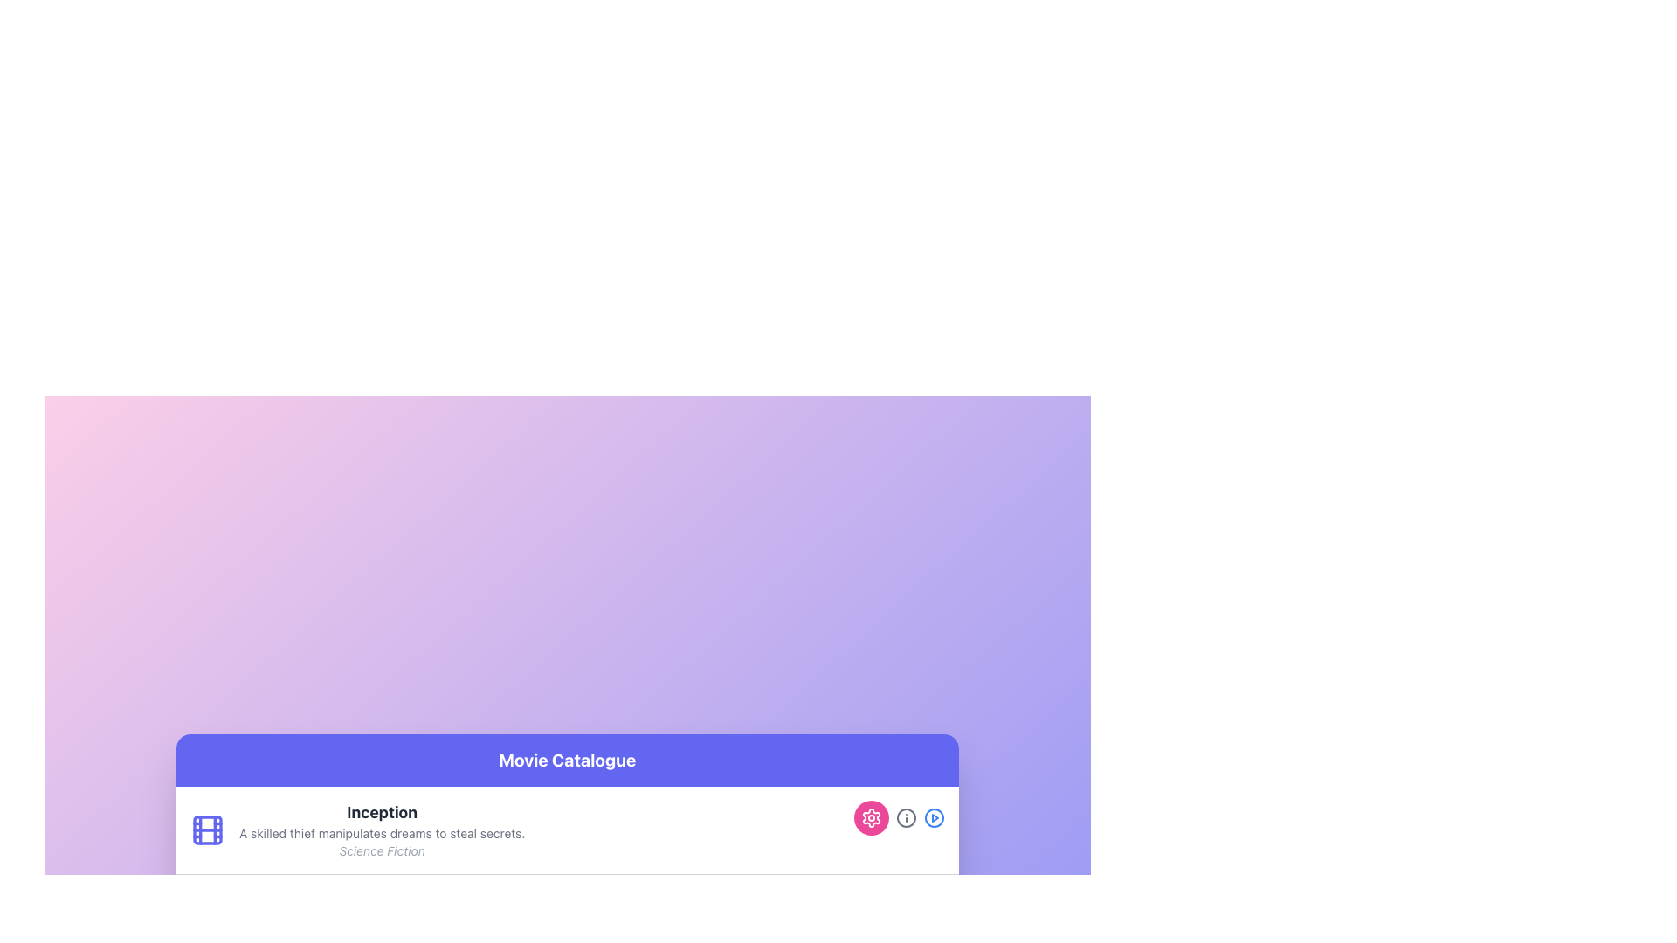 This screenshot has width=1677, height=943. Describe the element at coordinates (567, 759) in the screenshot. I see `the text label that serves as the header for the movie catalogue, positioned at the center of the indigo-colored background section` at that location.